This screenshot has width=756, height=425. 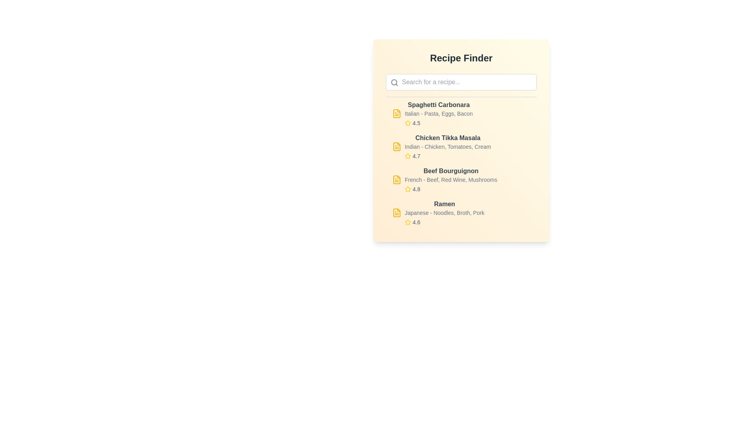 I want to click on the yellow star icon that indicates the quality rating for the fourth item ('Ramen') in the recipe list, so click(x=408, y=222).